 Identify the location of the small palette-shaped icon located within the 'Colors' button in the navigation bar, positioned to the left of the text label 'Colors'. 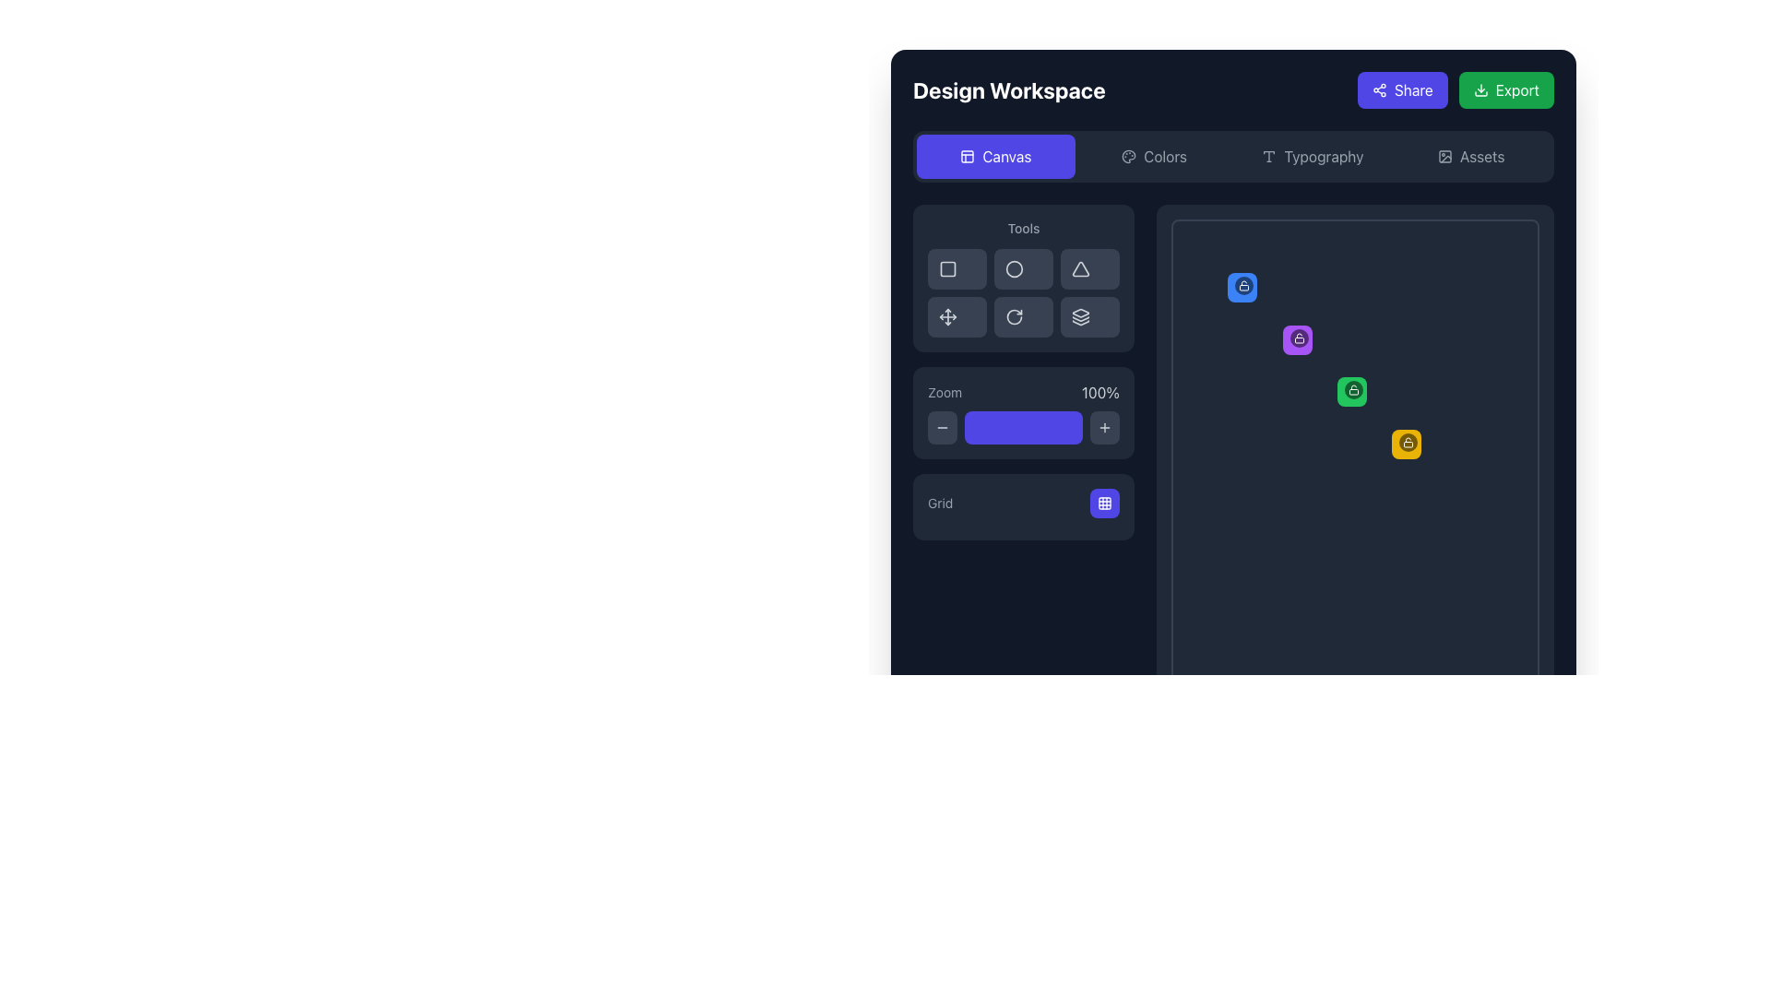
(1128, 155).